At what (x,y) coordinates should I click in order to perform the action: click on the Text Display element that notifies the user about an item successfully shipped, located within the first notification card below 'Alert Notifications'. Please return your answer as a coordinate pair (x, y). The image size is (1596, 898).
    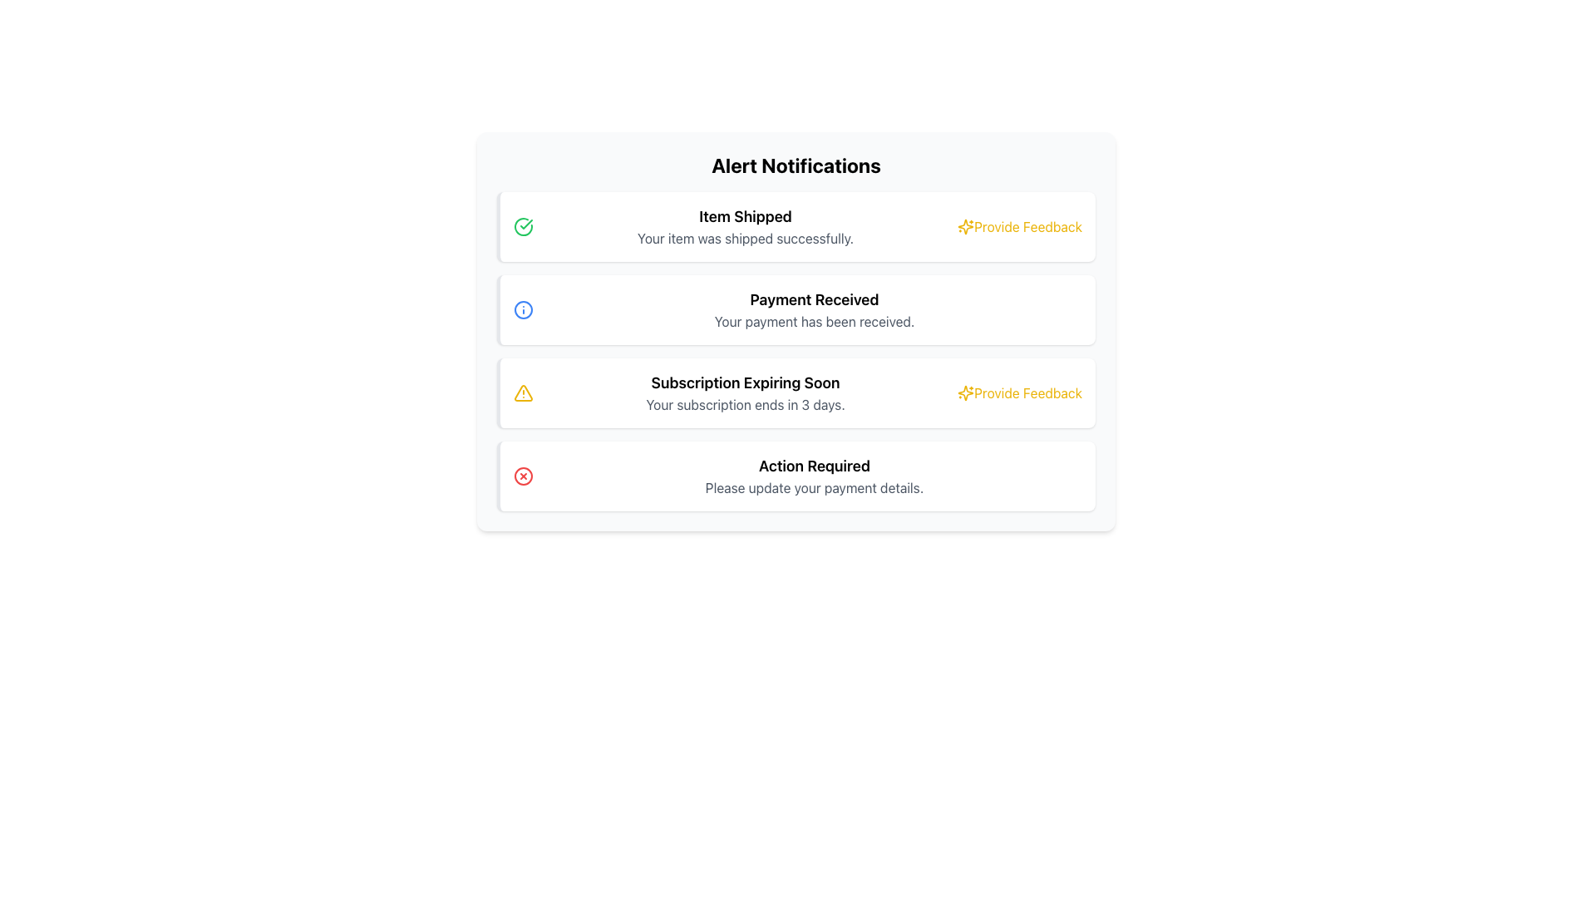
    Looking at the image, I should click on (745, 227).